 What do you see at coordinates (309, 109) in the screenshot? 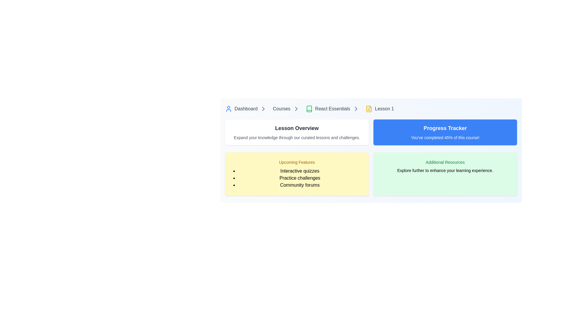
I see `the book icon representing the 'React Essentials' section in the breadcrumb navigation located between the 'Courses' label and the 'React Essentials' label` at bounding box center [309, 109].